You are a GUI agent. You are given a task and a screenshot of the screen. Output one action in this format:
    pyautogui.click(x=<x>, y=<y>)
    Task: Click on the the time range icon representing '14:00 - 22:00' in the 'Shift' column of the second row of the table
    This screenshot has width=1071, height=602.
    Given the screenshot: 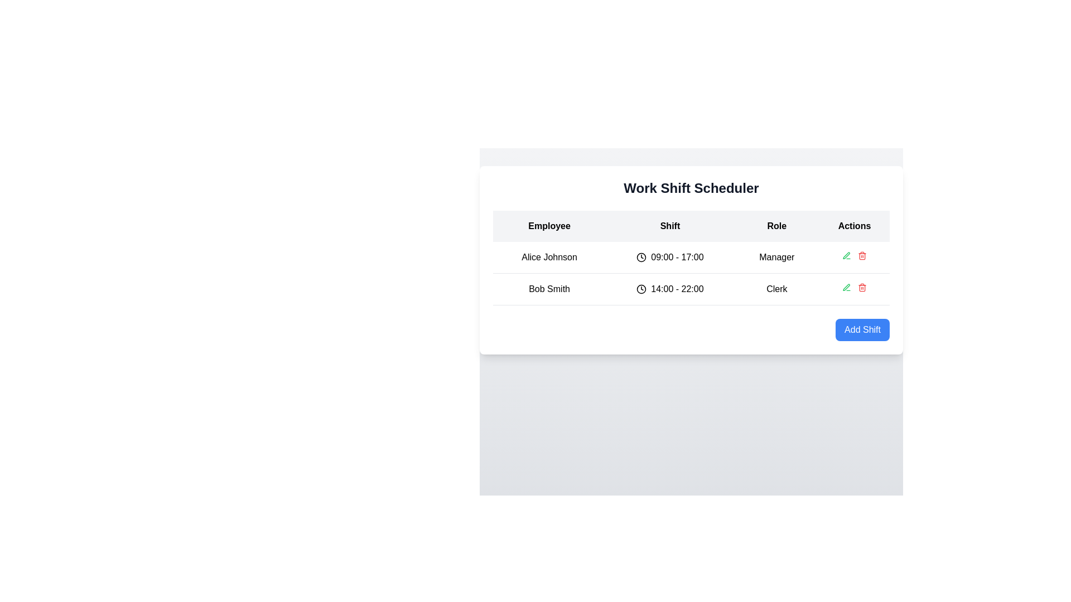 What is the action you would take?
    pyautogui.click(x=641, y=289)
    